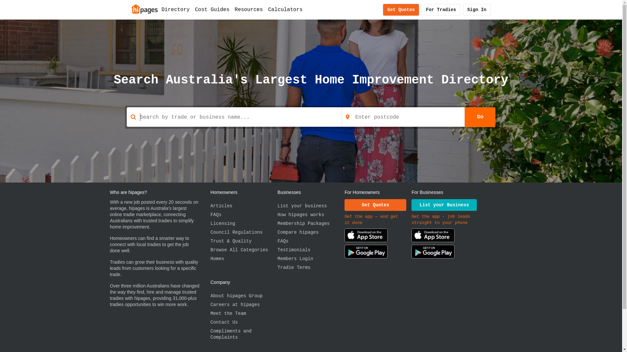 The width and height of the screenshot is (627, 352). What do you see at coordinates (210, 223) in the screenshot?
I see `'Licensing'` at bounding box center [210, 223].